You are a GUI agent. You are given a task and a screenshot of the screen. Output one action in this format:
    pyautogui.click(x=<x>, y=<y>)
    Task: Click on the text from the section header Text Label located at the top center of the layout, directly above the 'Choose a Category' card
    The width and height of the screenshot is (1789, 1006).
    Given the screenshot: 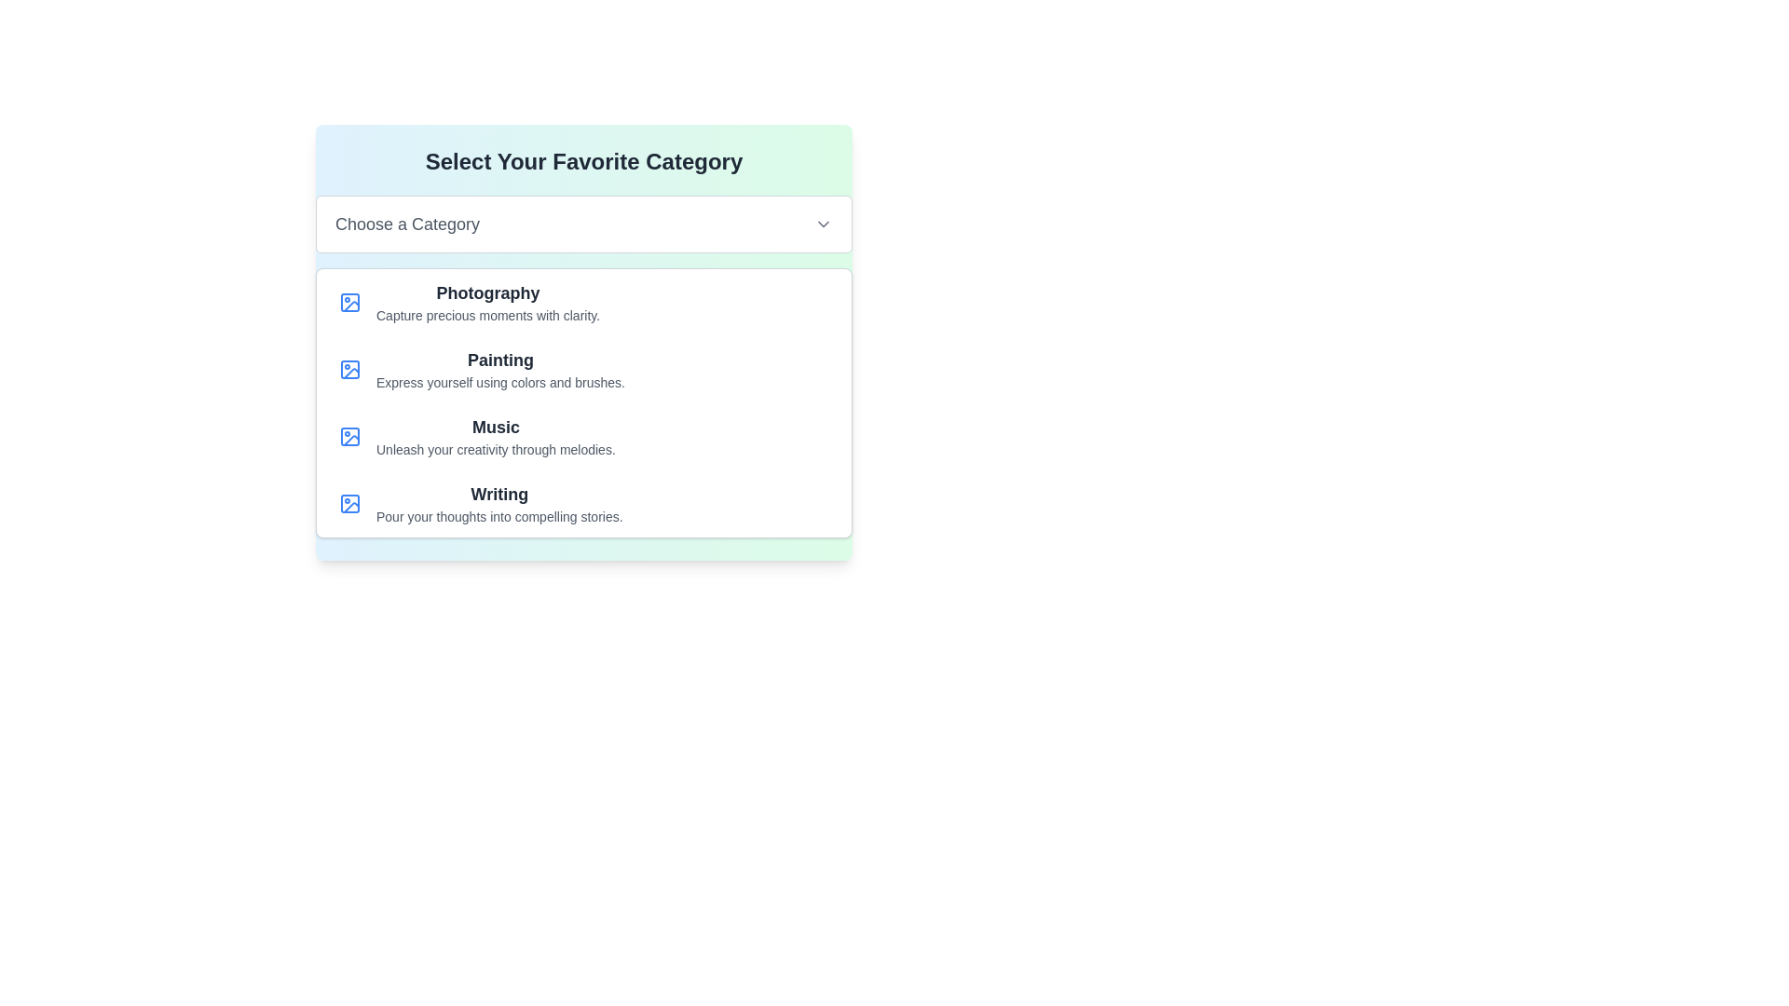 What is the action you would take?
    pyautogui.click(x=583, y=160)
    